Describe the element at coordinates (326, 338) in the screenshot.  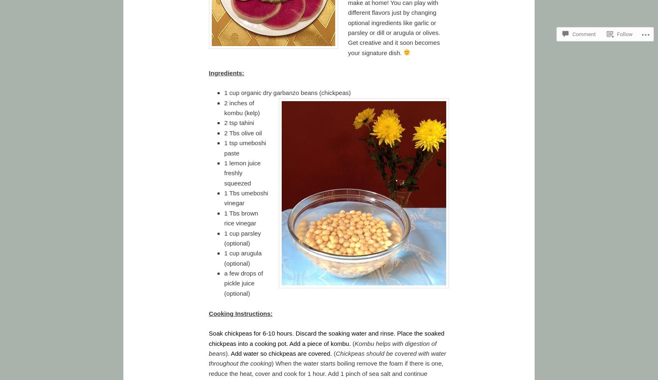
I see `'Soak chickpeas for 6-10 hours. Discard the soaking water and rinse. Place the soaked chickpeas into a cooking pot. Add a piece of kombu.'` at that location.